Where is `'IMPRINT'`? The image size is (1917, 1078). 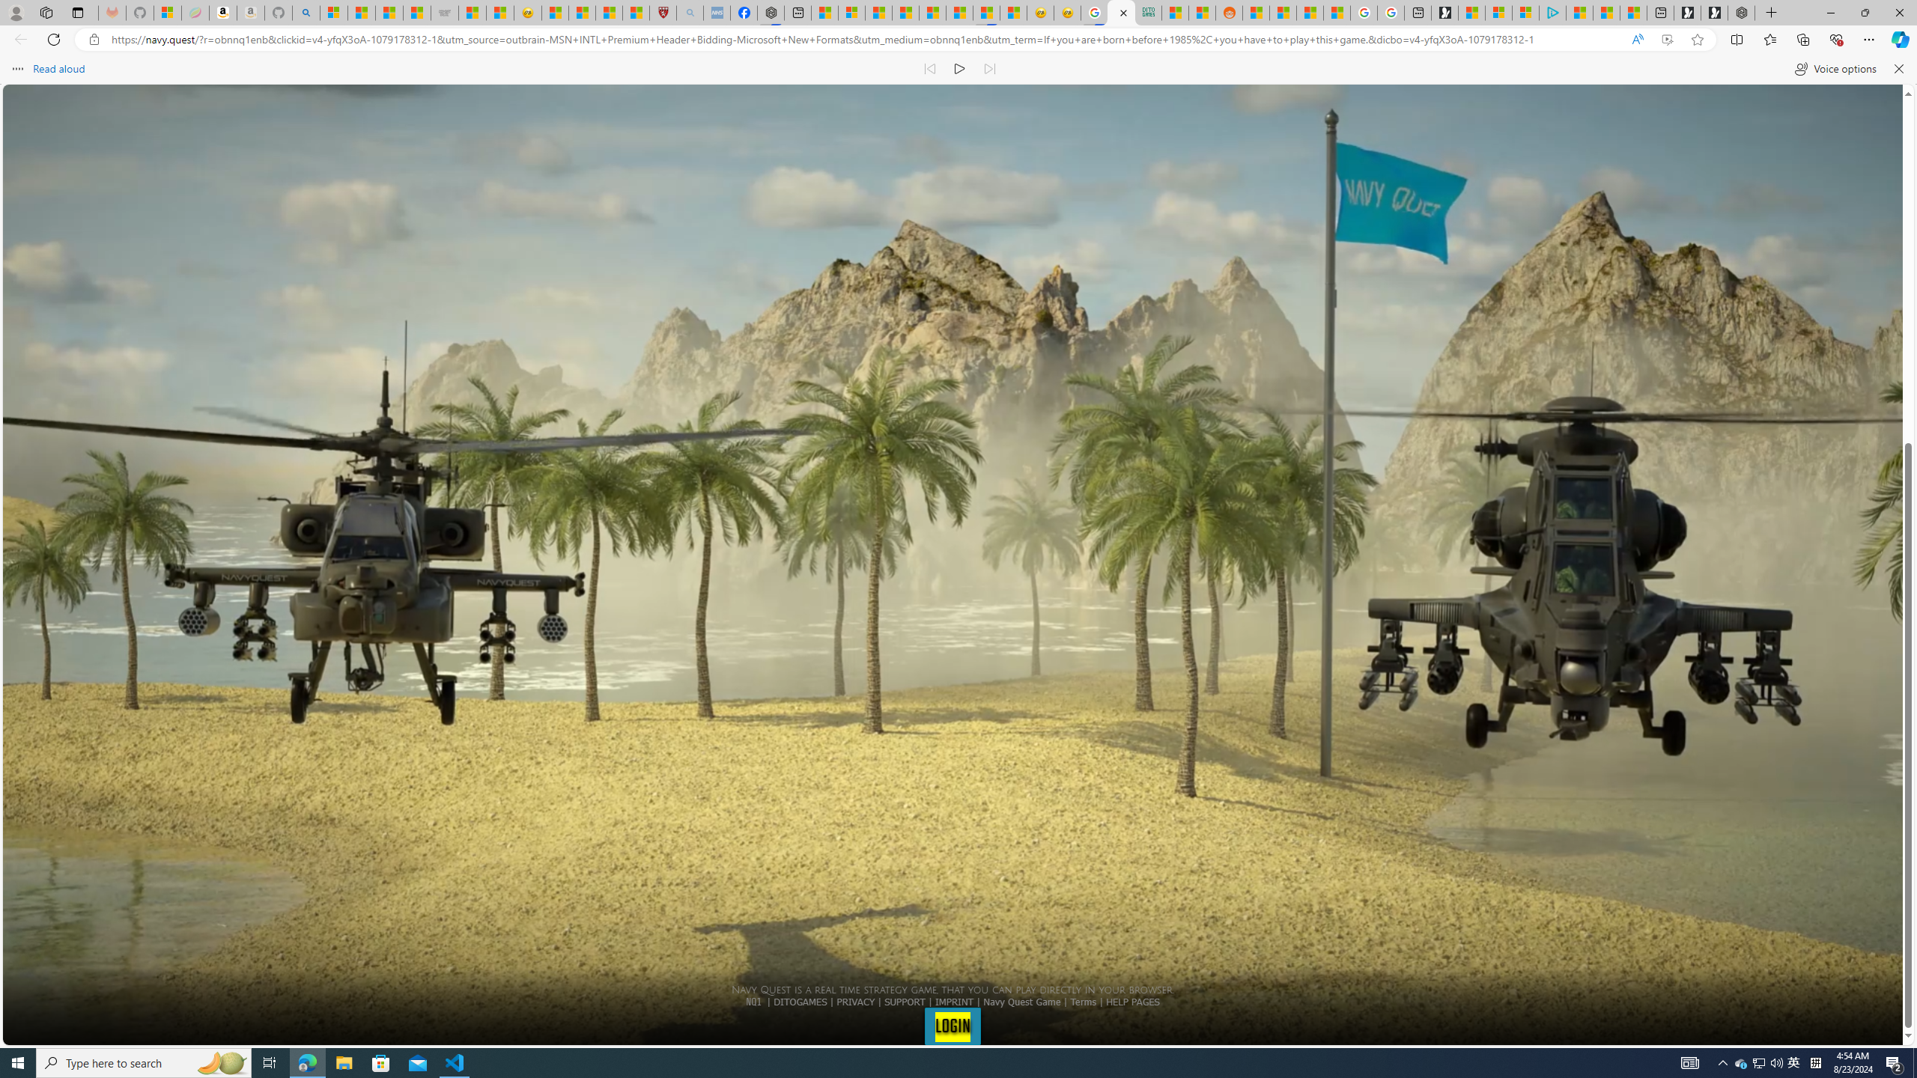 'IMPRINT' is located at coordinates (953, 1000).